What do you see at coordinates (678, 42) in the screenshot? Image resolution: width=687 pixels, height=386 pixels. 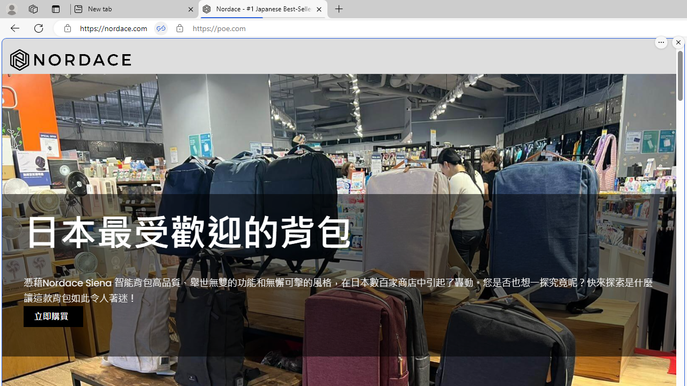 I see `'Close split screen.'` at bounding box center [678, 42].